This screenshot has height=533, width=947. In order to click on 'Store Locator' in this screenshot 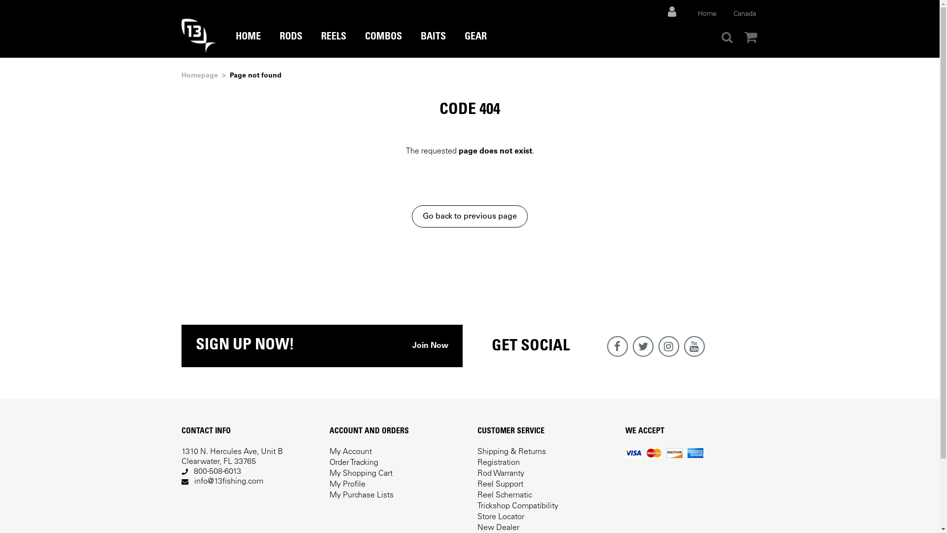, I will do `click(501, 517)`.